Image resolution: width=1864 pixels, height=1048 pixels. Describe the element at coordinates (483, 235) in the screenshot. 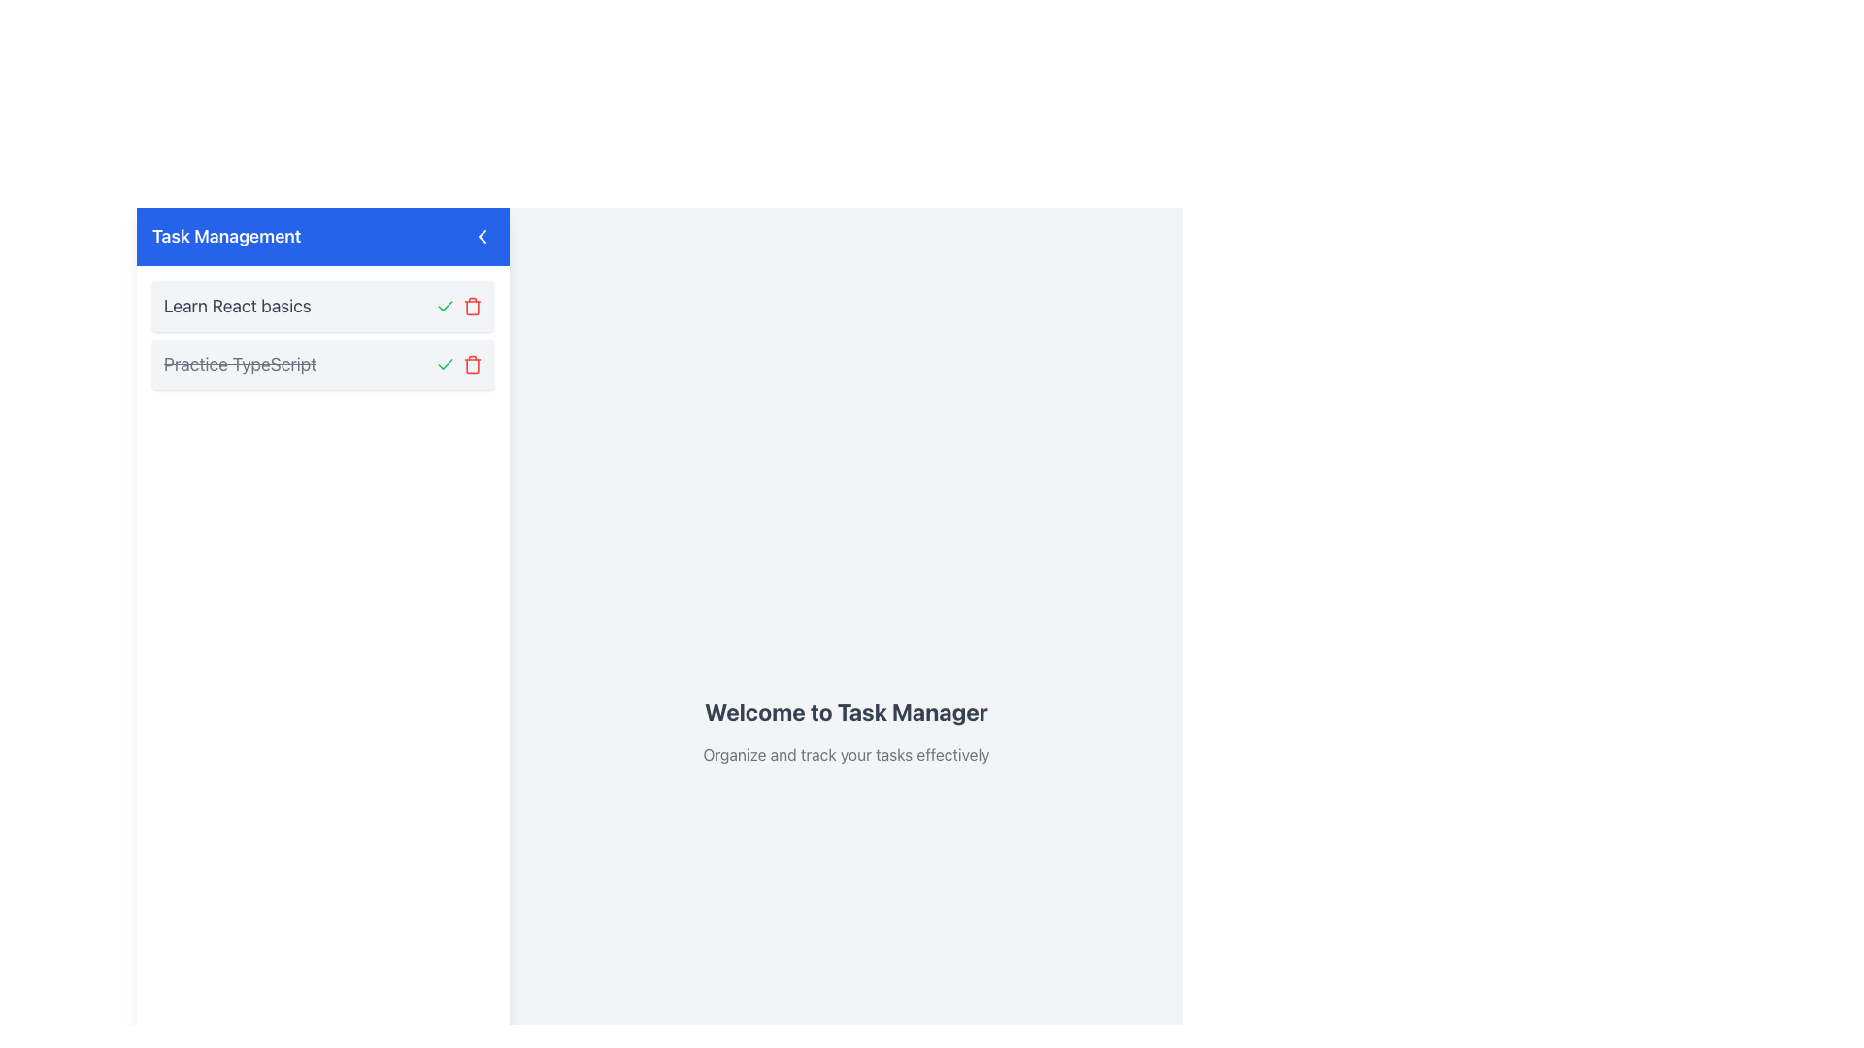

I see `the chevron-left icon located in the navigation panel at the top left of the interface, next to the 'Task Management' label` at that location.